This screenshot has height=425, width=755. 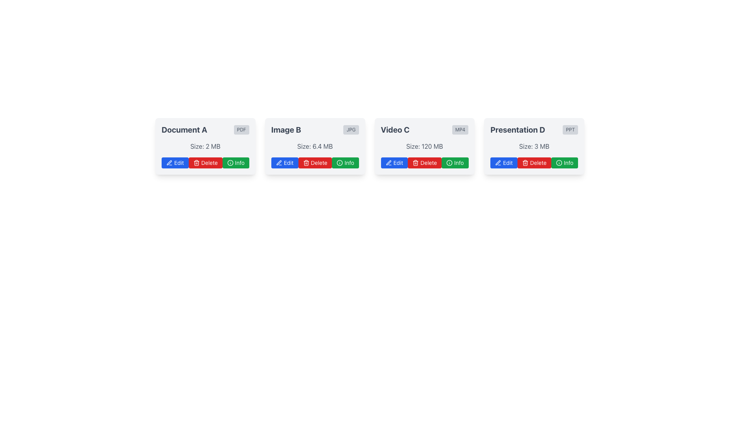 I want to click on the Text display element titled 'Document A' with a gray label 'PDF' located in the top section of the first document card, so click(x=205, y=129).